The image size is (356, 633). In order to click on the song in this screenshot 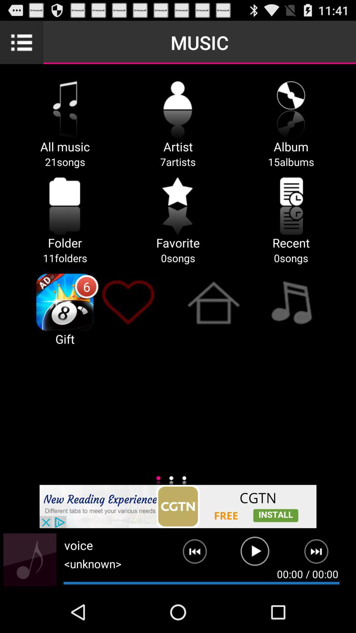, I will do `click(254, 554)`.